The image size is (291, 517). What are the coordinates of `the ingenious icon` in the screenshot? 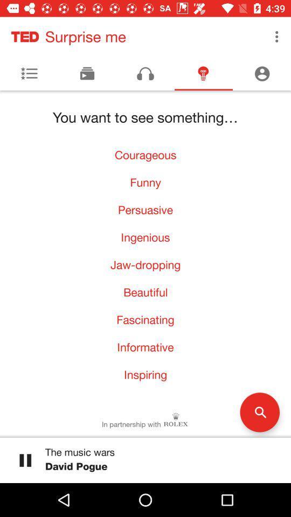 It's located at (145, 237).